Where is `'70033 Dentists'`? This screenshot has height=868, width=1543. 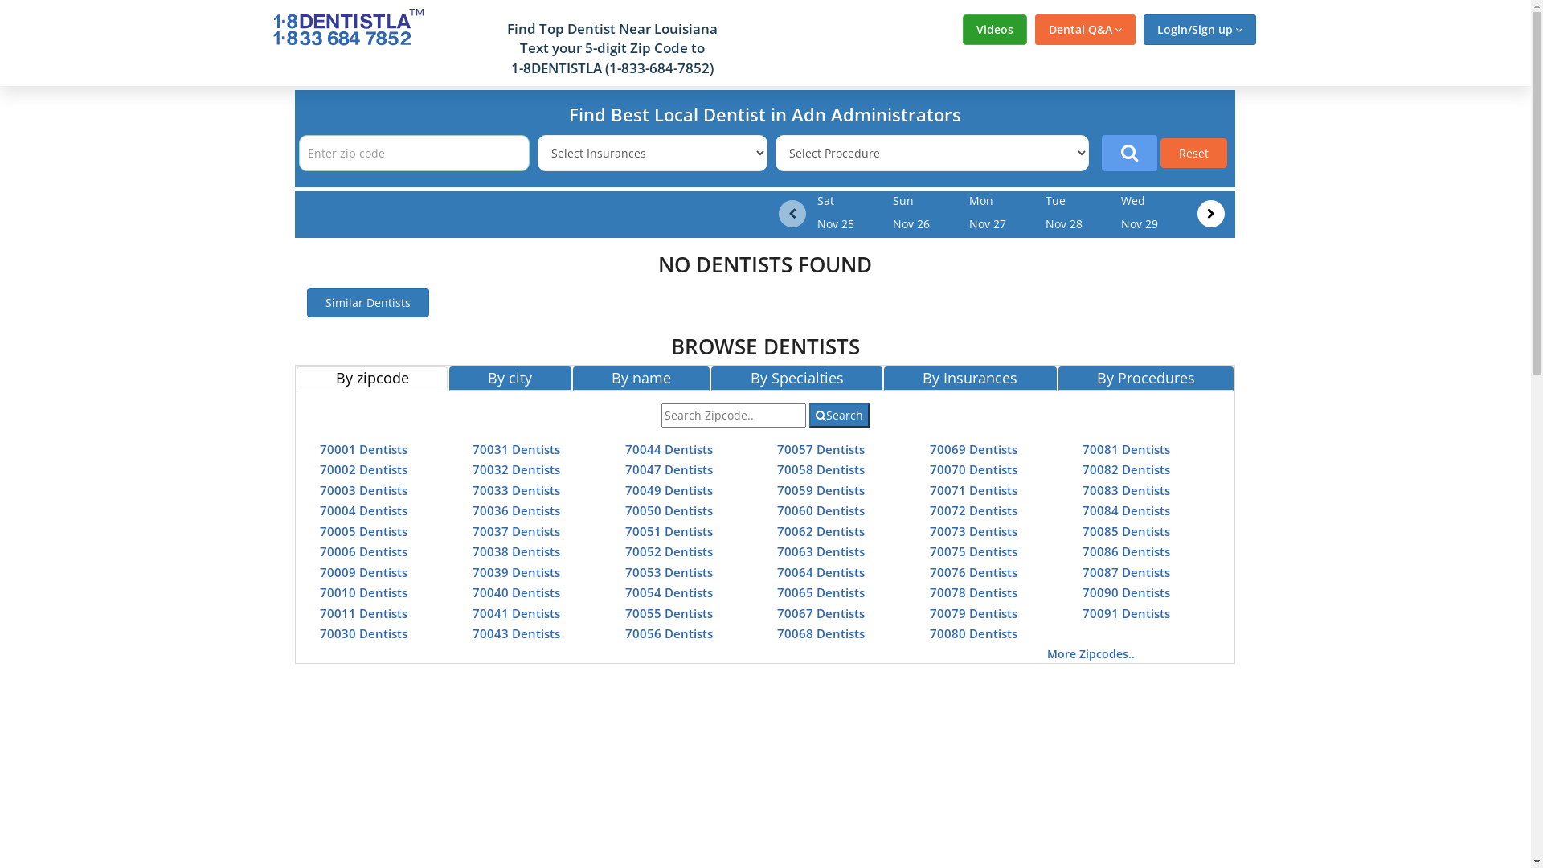
'70033 Dentists' is located at coordinates (516, 489).